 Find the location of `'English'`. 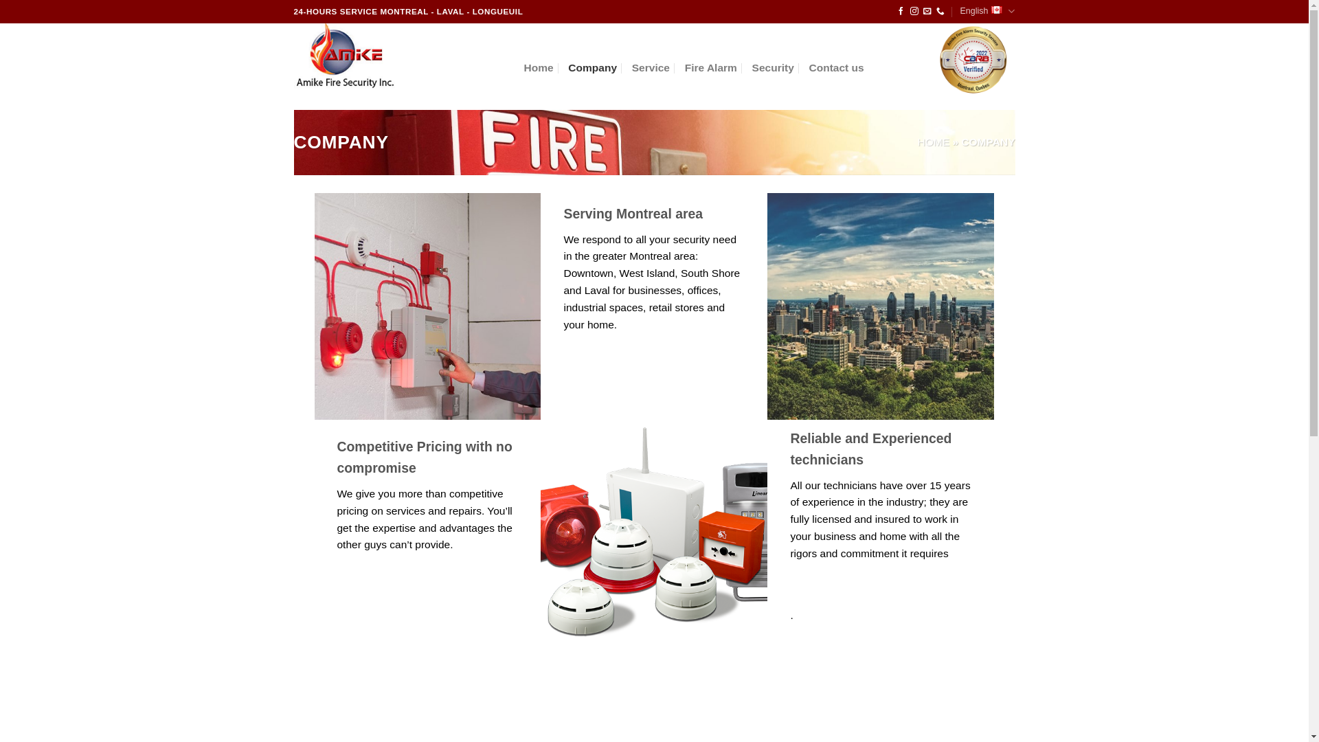

'English' is located at coordinates (987, 11).